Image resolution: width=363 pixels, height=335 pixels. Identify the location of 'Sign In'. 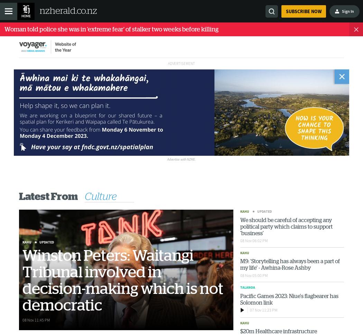
(342, 11).